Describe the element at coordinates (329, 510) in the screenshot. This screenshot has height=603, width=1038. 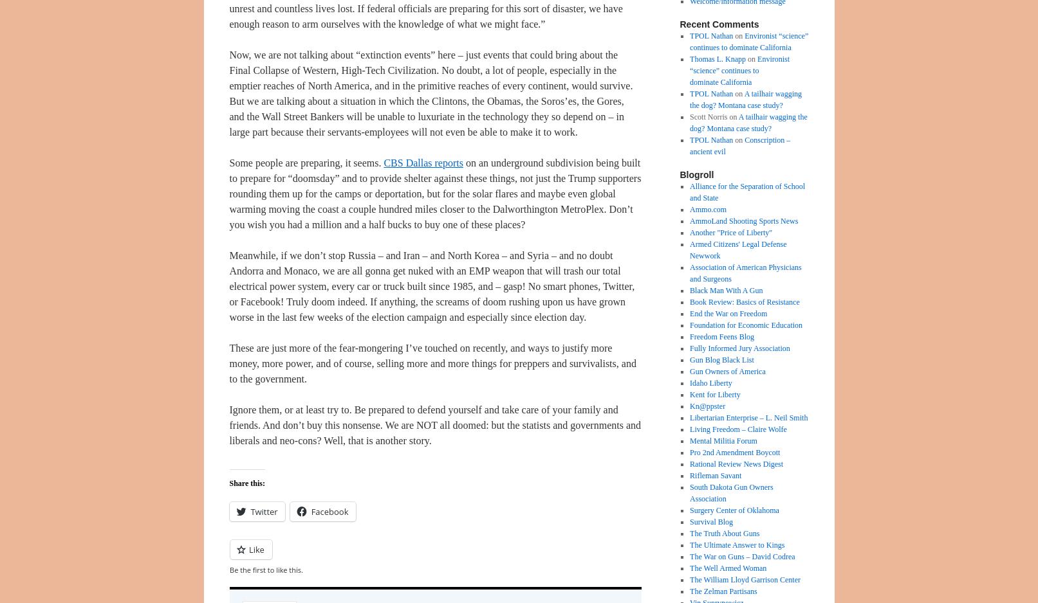
I see `'Facebook'` at that location.